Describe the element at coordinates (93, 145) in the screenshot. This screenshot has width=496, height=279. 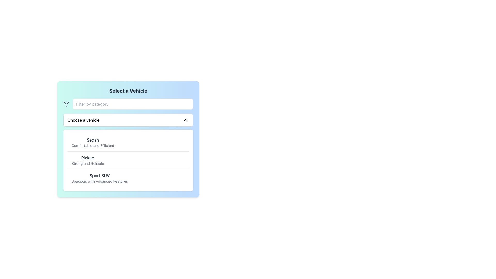
I see `the text label displaying 'Comfortable and Efficient', which is positioned below the 'Sedan' label in the dropdown list of vehicles` at that location.